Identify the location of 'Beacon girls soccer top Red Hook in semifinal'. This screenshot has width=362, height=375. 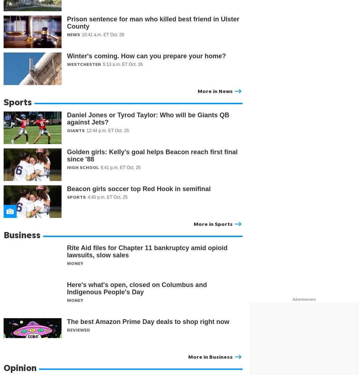
(140, 189).